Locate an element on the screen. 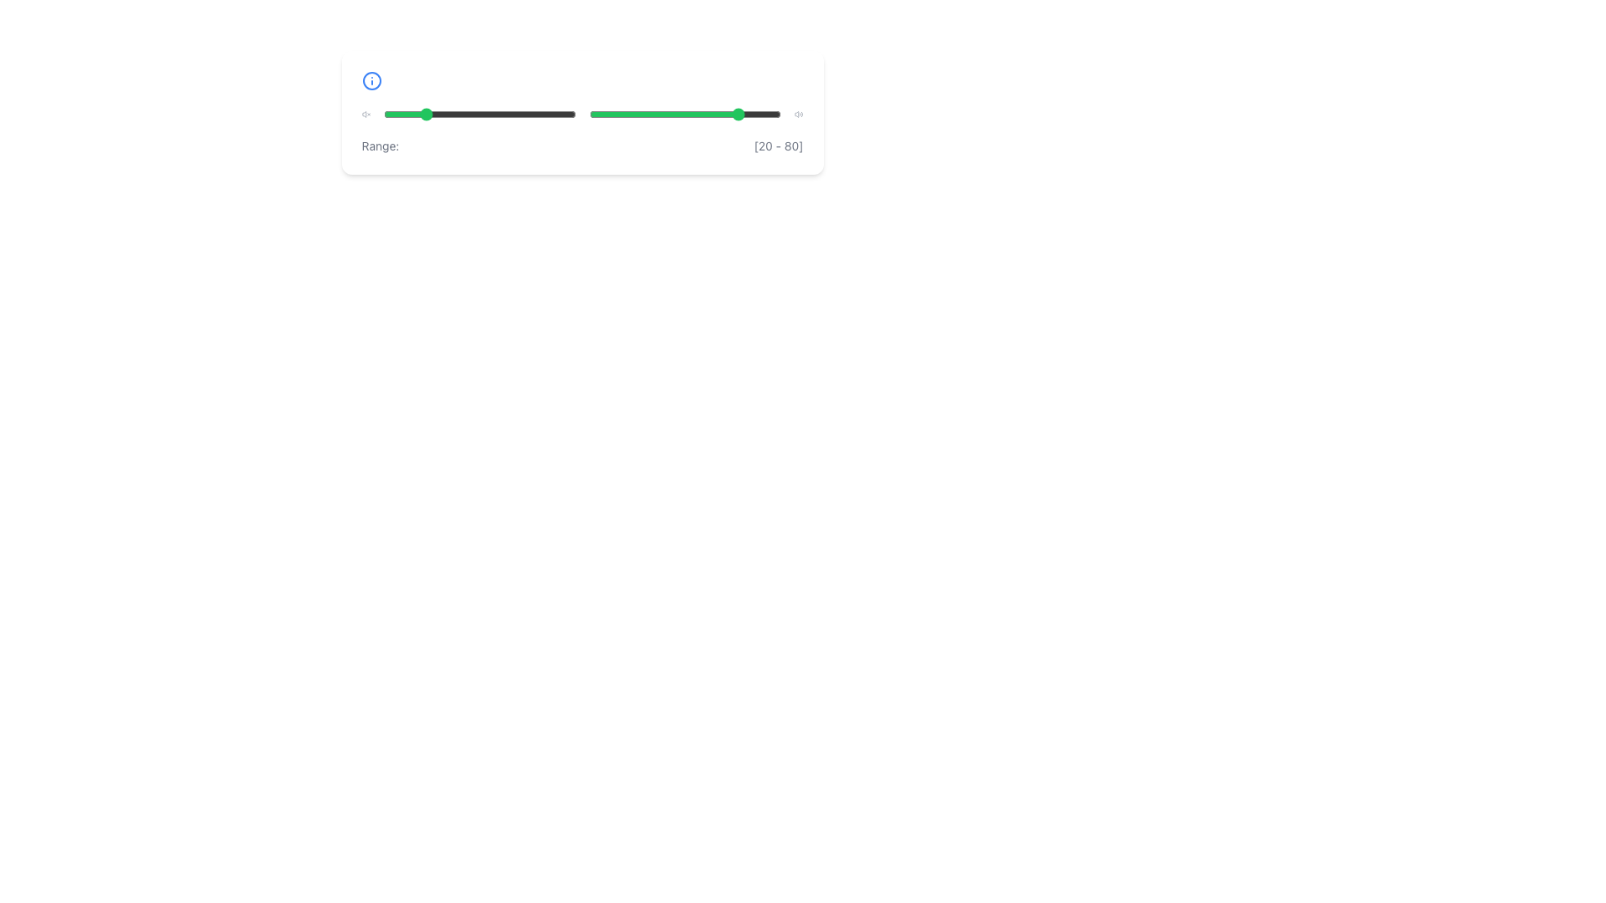 The image size is (1606, 903). the slider is located at coordinates (441, 114).